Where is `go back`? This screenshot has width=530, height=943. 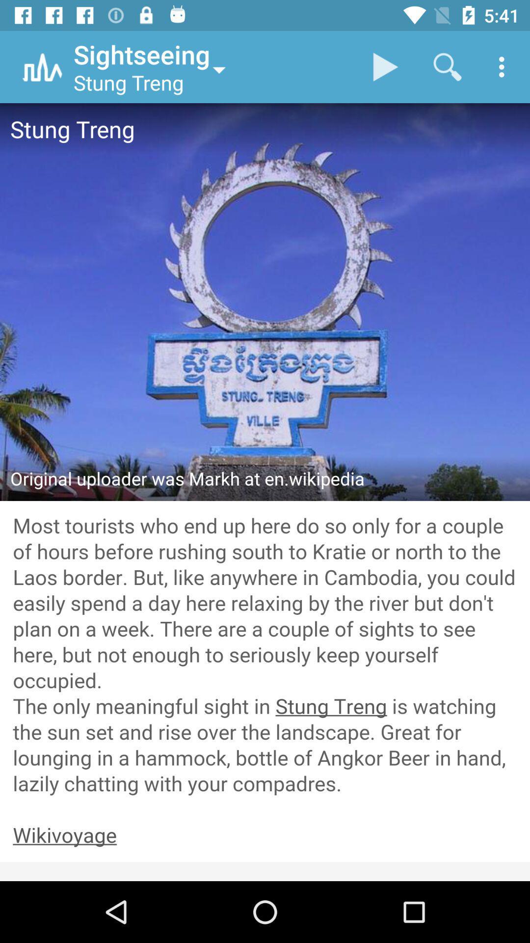 go back is located at coordinates (265, 835).